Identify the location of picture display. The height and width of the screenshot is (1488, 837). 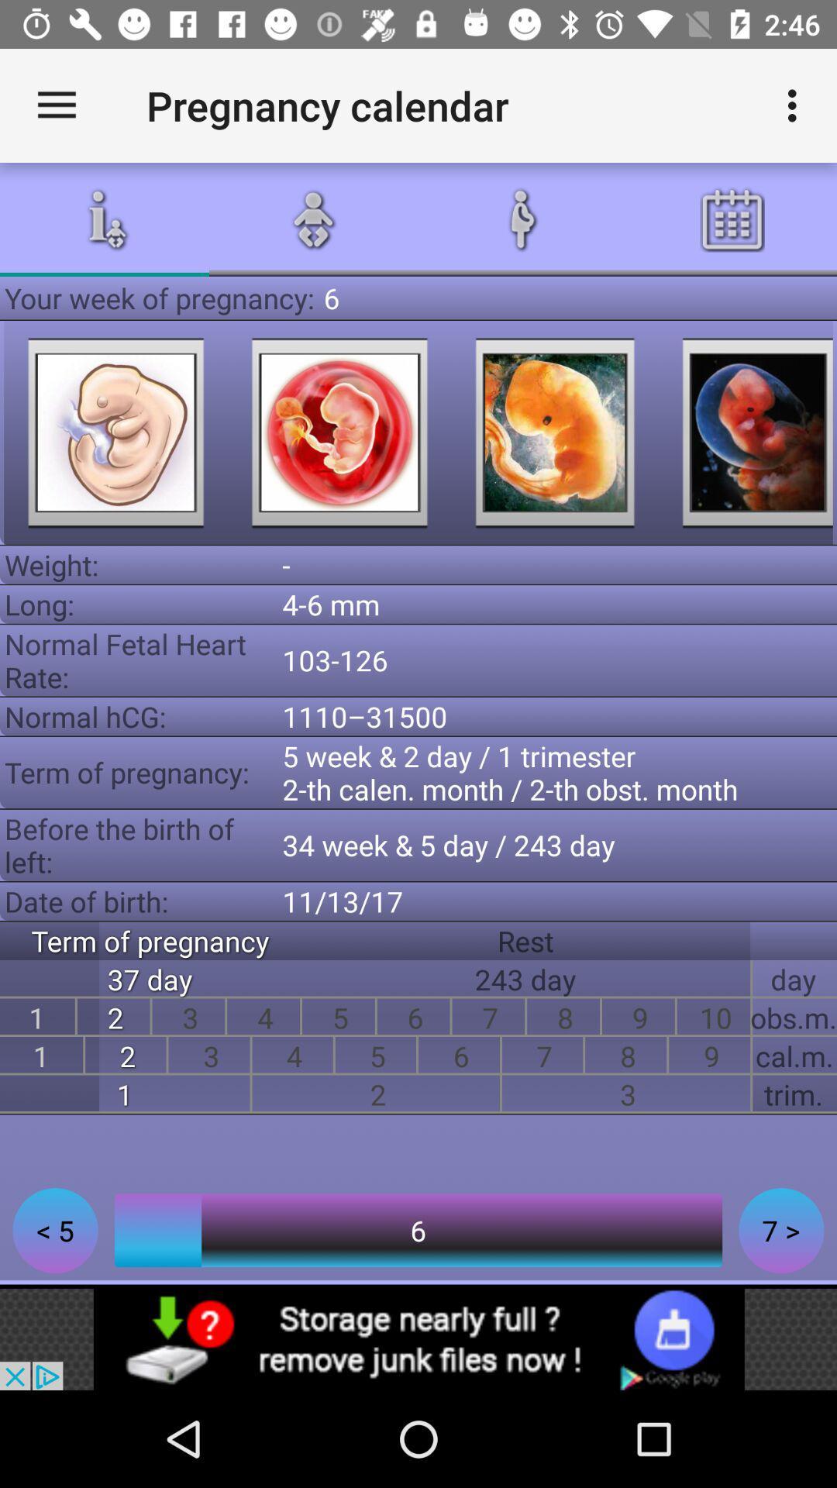
(554, 432).